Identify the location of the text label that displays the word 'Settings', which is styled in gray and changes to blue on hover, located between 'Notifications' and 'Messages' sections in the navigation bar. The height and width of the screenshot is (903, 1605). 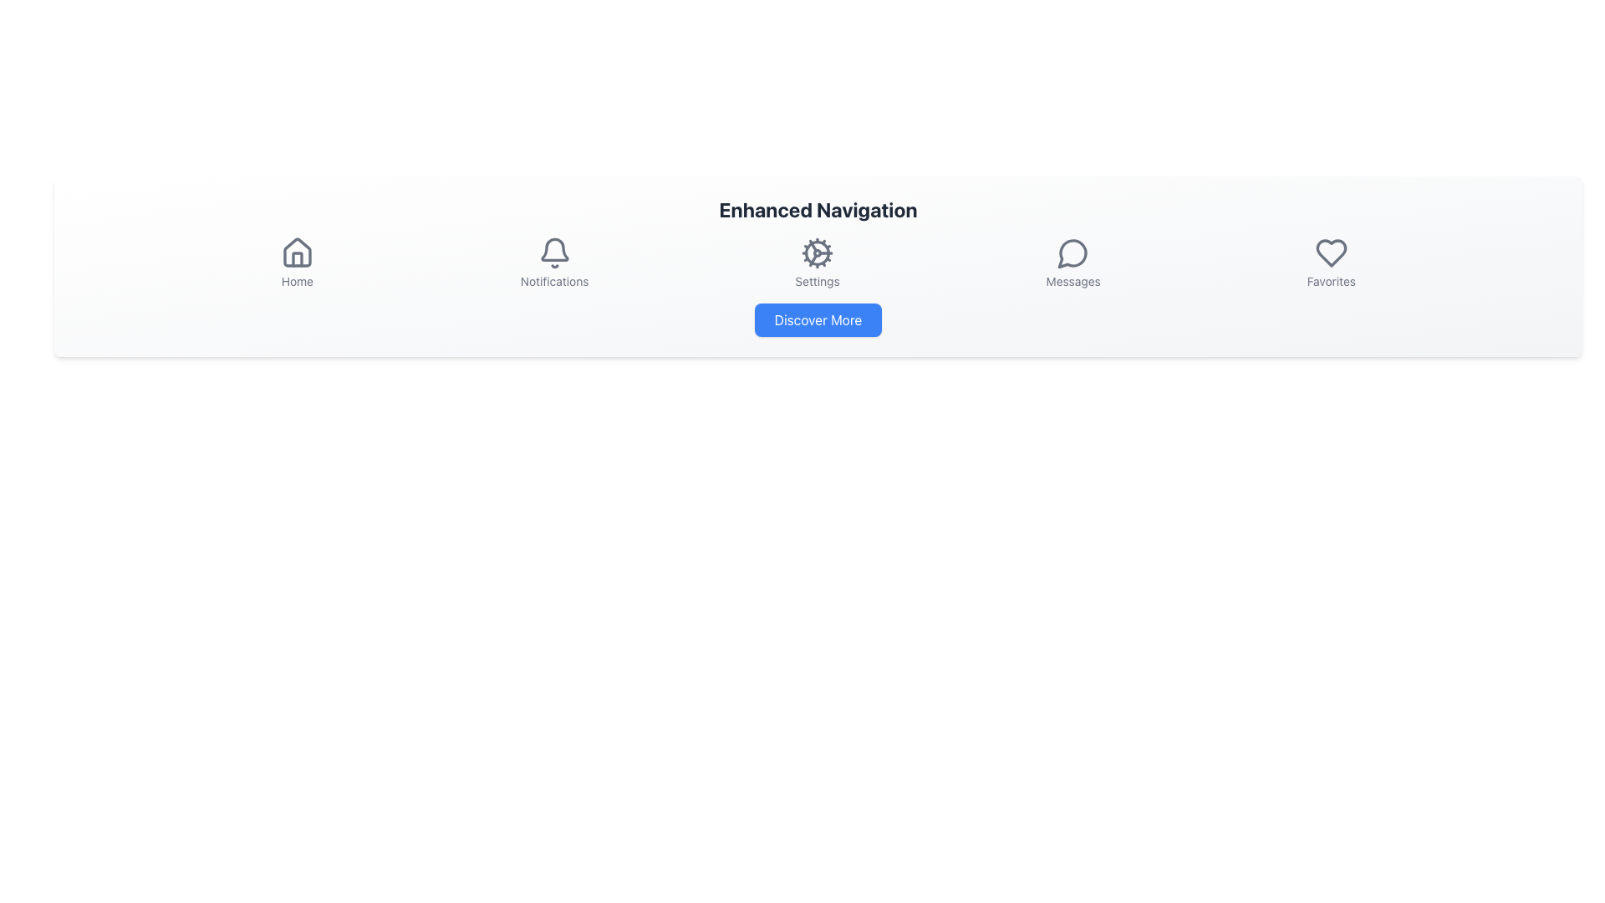
(818, 280).